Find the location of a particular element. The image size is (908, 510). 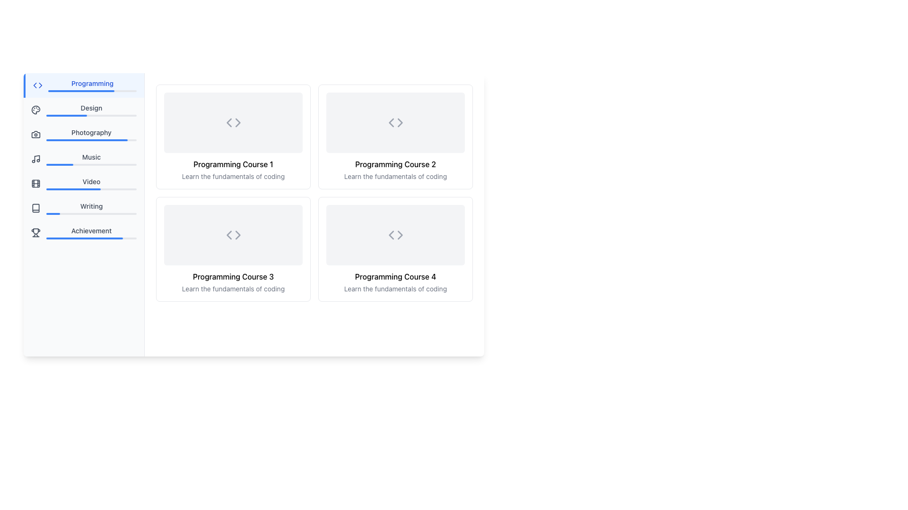

the visual appearance of the left-pointing SVG navigation arrow within the 'Programming Course 2' card, which is located at the specified coordinates is located at coordinates (391, 122).